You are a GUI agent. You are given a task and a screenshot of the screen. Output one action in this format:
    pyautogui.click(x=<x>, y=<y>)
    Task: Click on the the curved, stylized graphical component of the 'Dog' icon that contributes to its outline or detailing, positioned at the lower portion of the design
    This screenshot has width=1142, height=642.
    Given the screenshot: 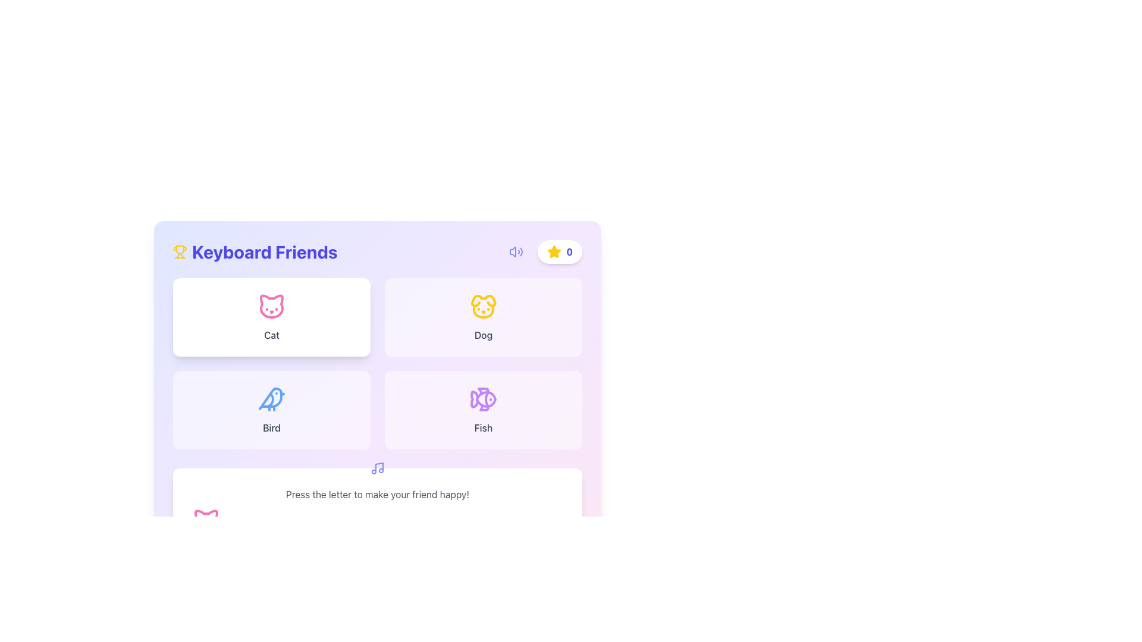 What is the action you would take?
    pyautogui.click(x=483, y=311)
    